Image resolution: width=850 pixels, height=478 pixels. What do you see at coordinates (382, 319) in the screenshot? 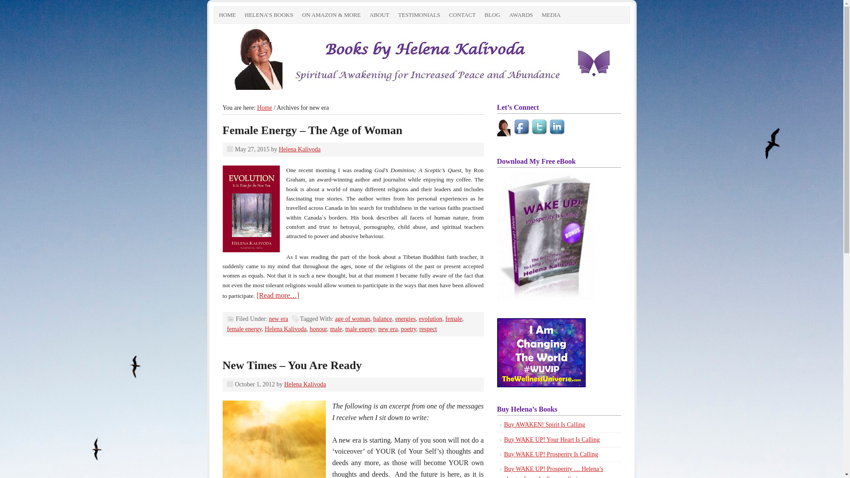
I see `'balance'` at bounding box center [382, 319].